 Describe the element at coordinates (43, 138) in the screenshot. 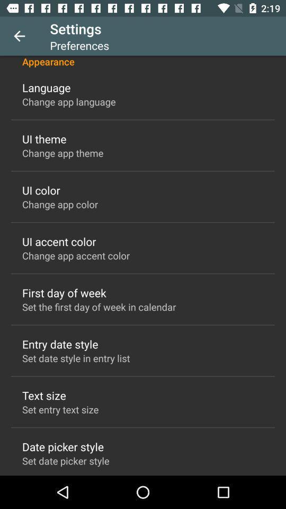

I see `item above change app theme item` at that location.